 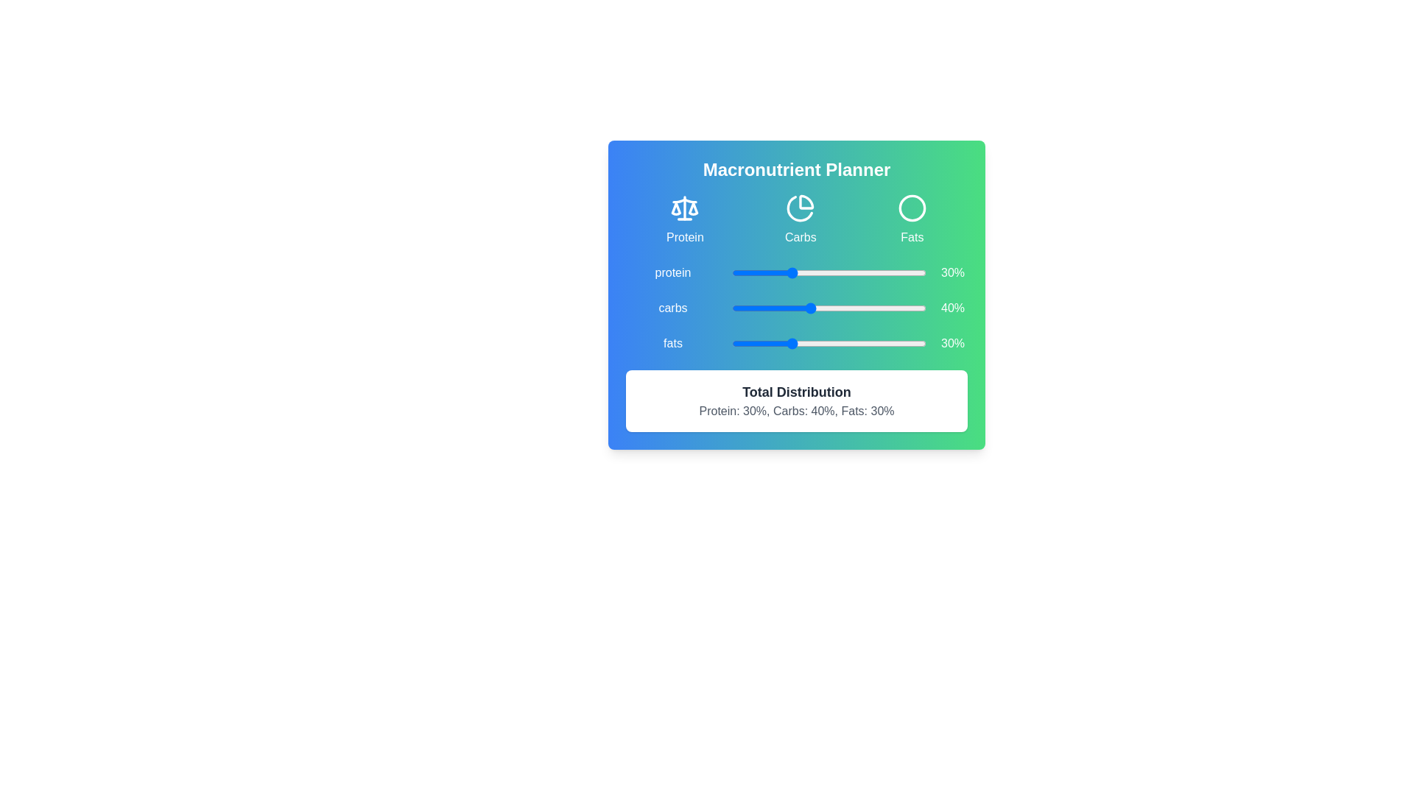 I want to click on the text display reading '40%' that is located to the right of the horizontal slider in the 'carbs' row, so click(x=953, y=308).